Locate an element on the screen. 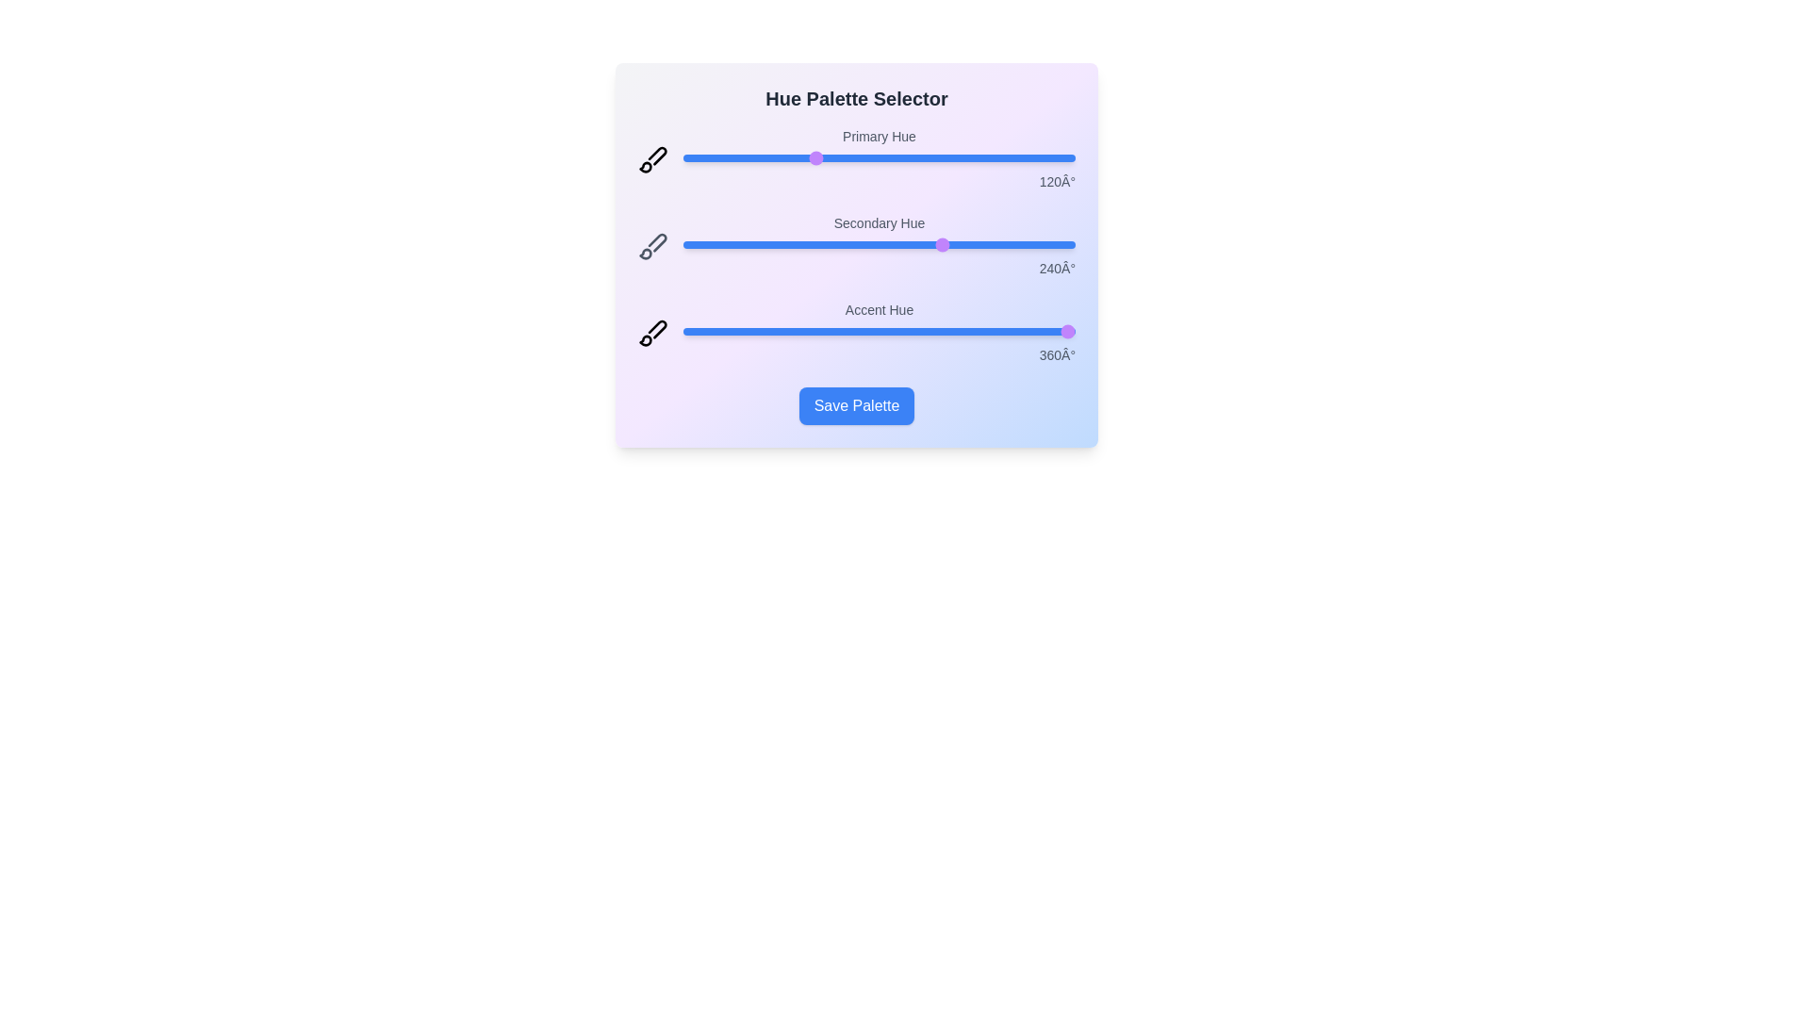 The image size is (1810, 1018). the 'Primary Hue' slider to 98 degrees is located at coordinates (790, 157).